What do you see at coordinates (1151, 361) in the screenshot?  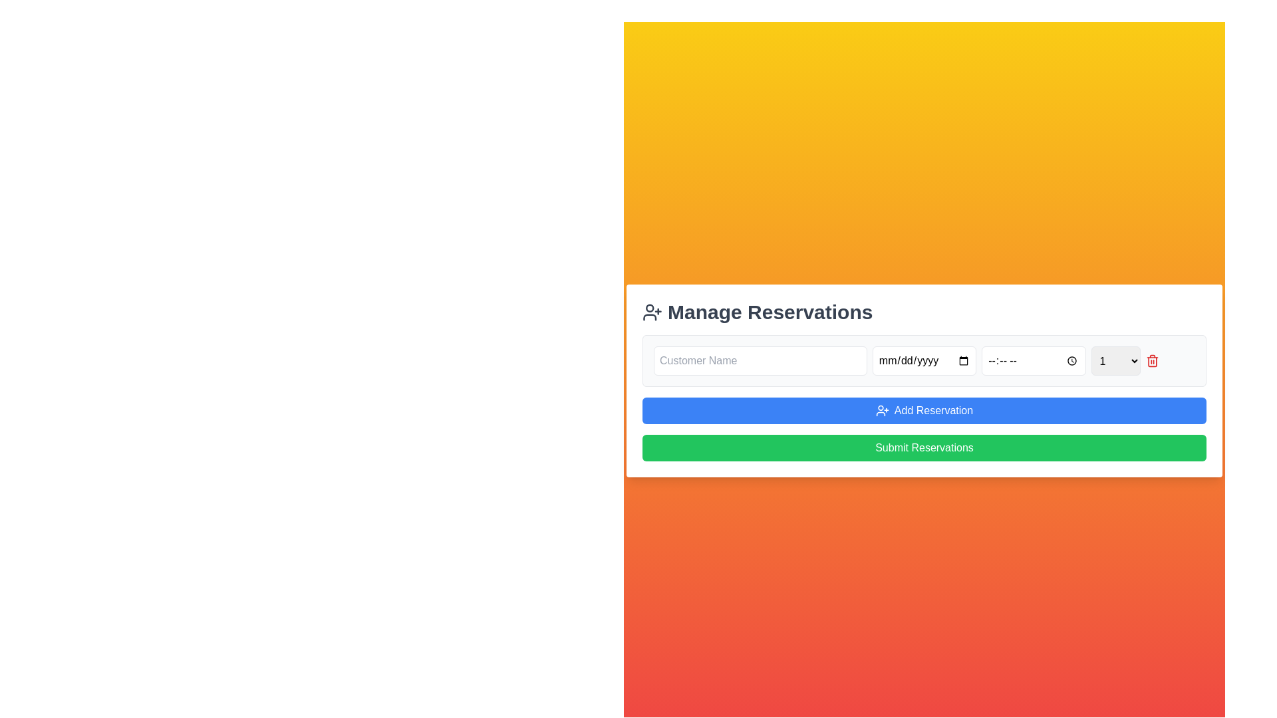 I see `the delete Icon Button located in the top-right corner of the form interface` at bounding box center [1151, 361].